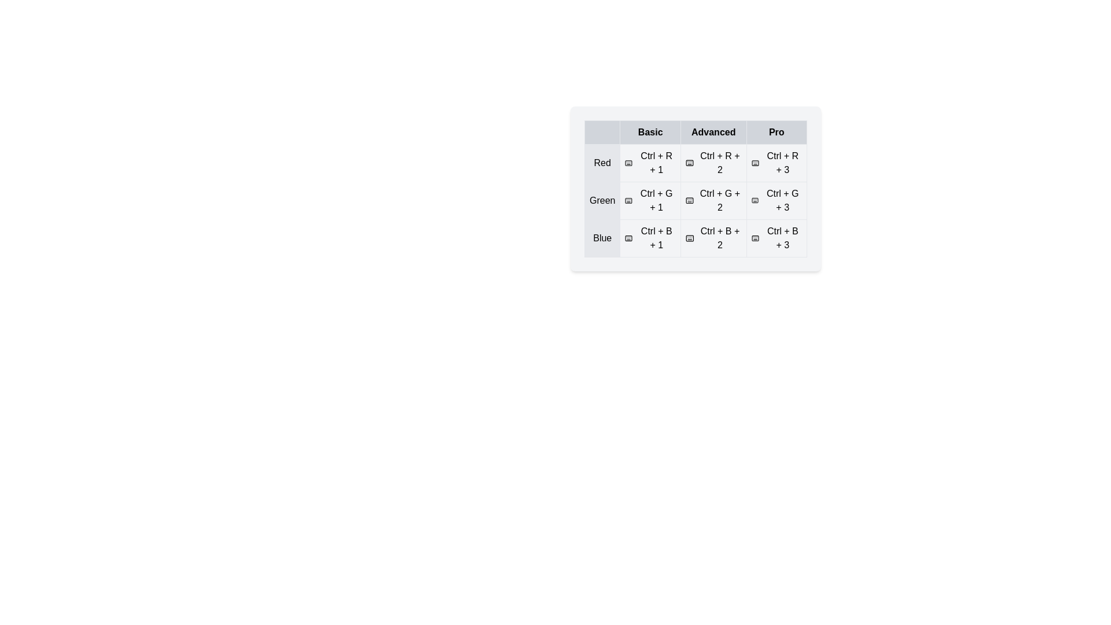 This screenshot has height=625, width=1111. Describe the element at coordinates (713, 163) in the screenshot. I see `the label with icon that conveys keyboard shortcut information related to 'Advanced' functionality` at that location.